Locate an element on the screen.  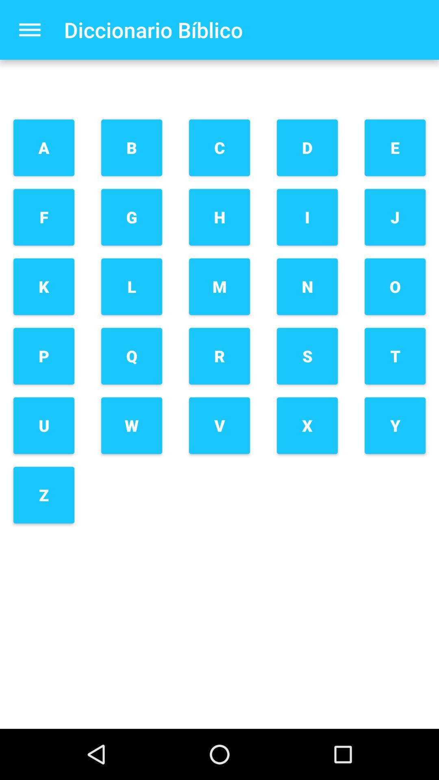
l item is located at coordinates (131, 286).